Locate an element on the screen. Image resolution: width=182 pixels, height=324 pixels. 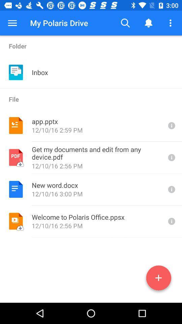
more information is located at coordinates (171, 157).